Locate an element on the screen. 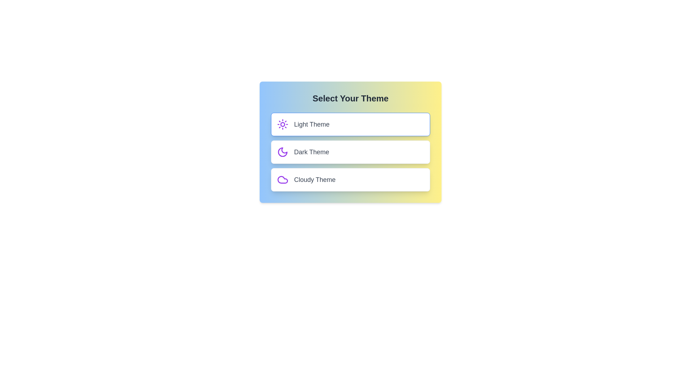  the 'Cloudy Theme' icon, which is located to the left of the 'Cloudy Theme' label in the selectable themes list is located at coordinates (282, 179).